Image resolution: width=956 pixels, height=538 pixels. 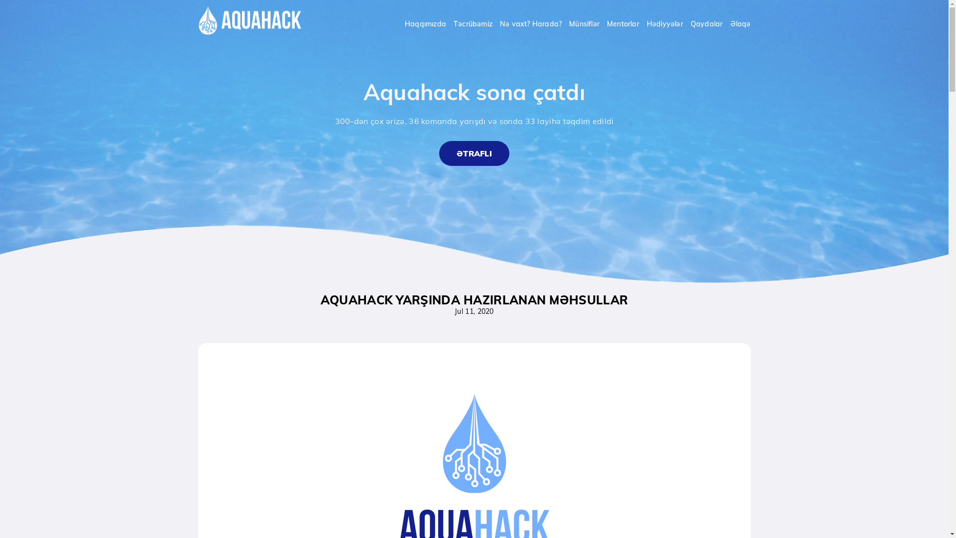 What do you see at coordinates (622, 23) in the screenshot?
I see `'Mentorlar'` at bounding box center [622, 23].